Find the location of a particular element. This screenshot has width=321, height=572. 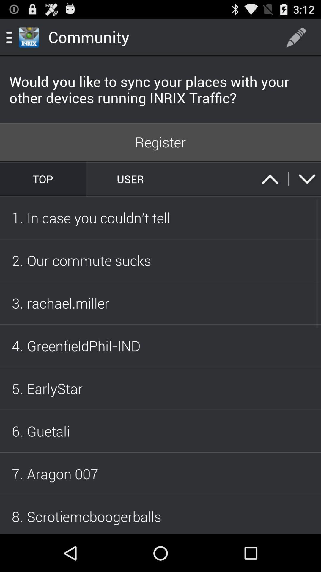

goes up is located at coordinates (270, 178).